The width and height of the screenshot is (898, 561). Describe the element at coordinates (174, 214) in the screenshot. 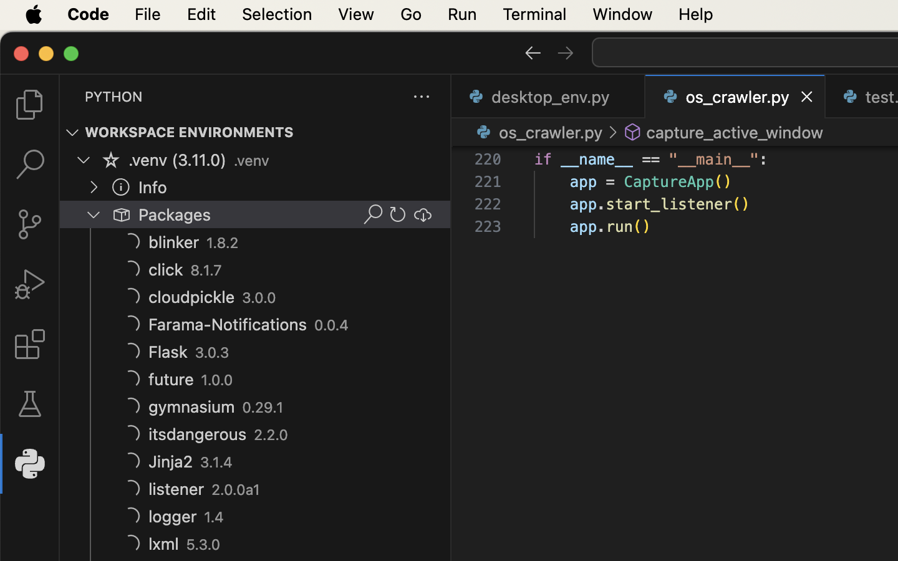

I see `'Packages'` at that location.